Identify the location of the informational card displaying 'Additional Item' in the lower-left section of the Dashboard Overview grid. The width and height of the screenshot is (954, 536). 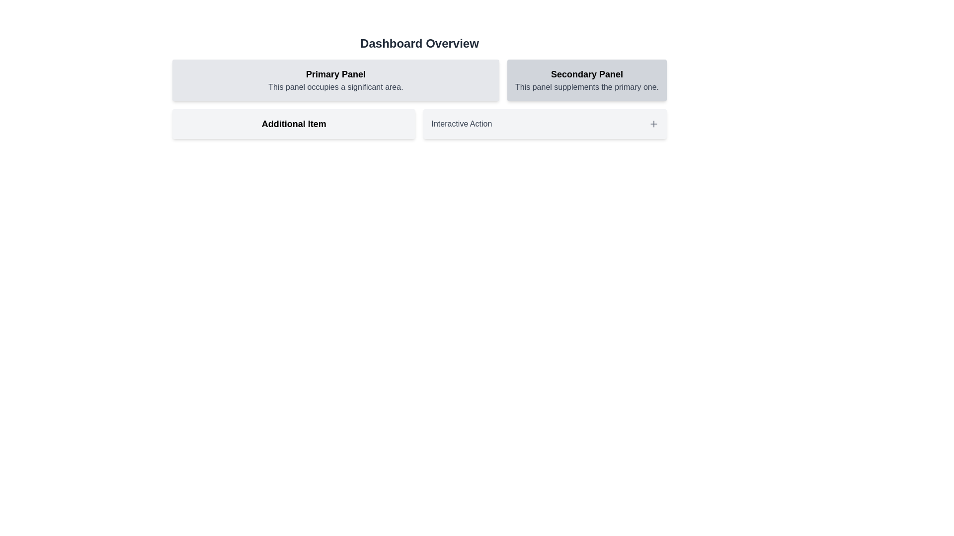
(293, 124).